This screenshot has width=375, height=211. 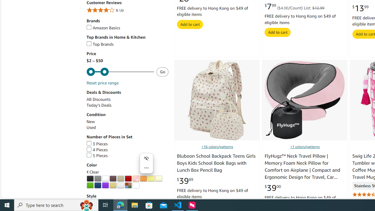 I want to click on 'Used', so click(x=91, y=127).